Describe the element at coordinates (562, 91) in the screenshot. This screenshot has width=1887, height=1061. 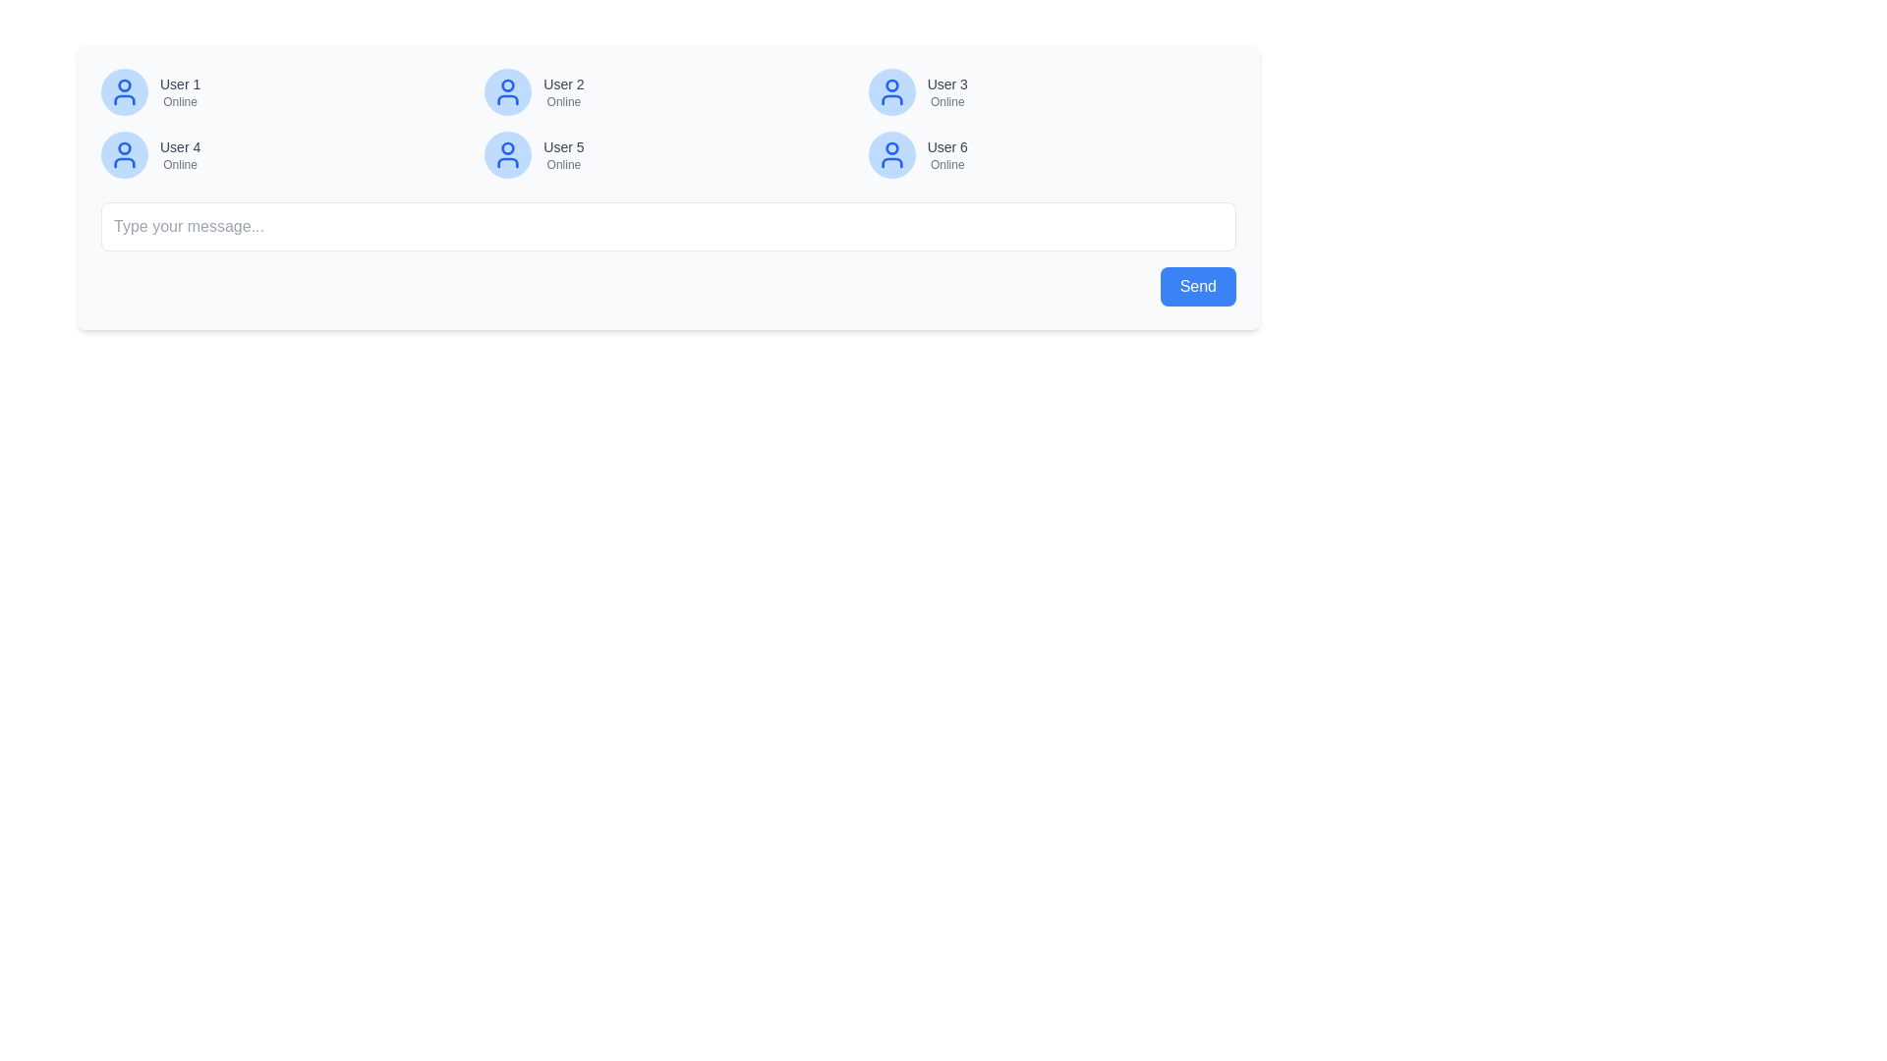
I see `the Text block displaying the username 'User 2' and their online status, located in the second position of the user list` at that location.